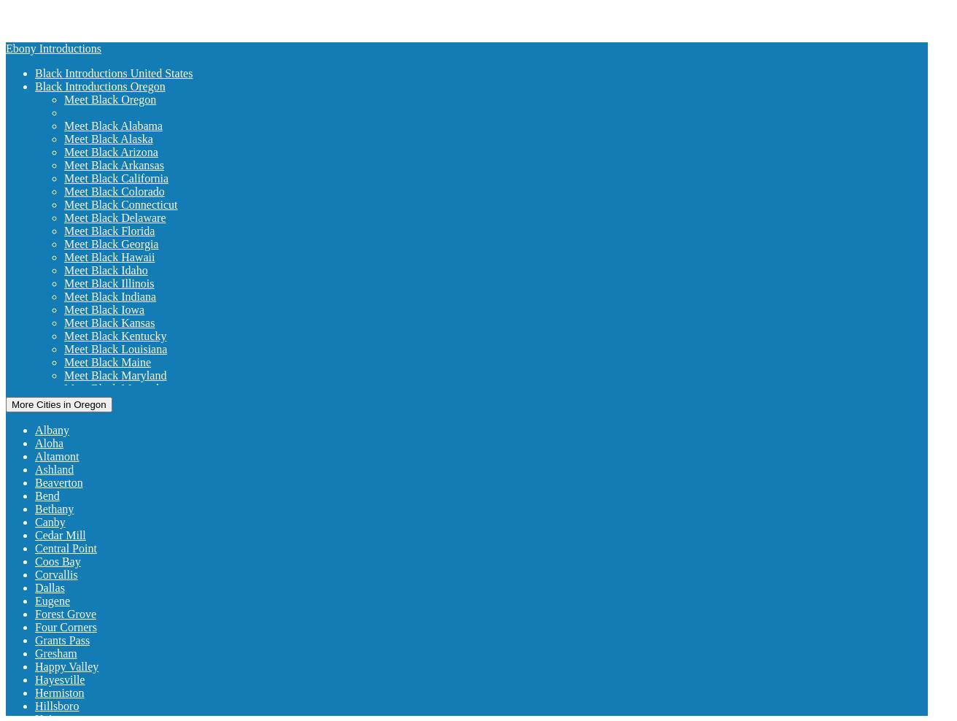  I want to click on 'Meet Black Kentucky', so click(64, 336).